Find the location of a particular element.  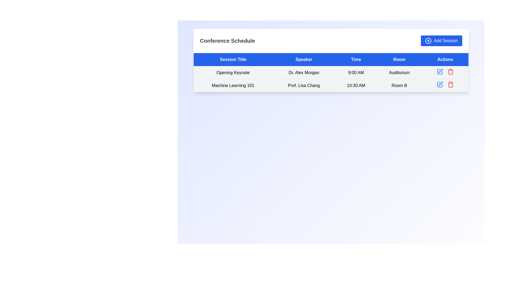

the 'Conference Schedule' text label, which is displayed in a large, bold, dark gray font, located in the upper-left region of the interface header is located at coordinates (227, 40).